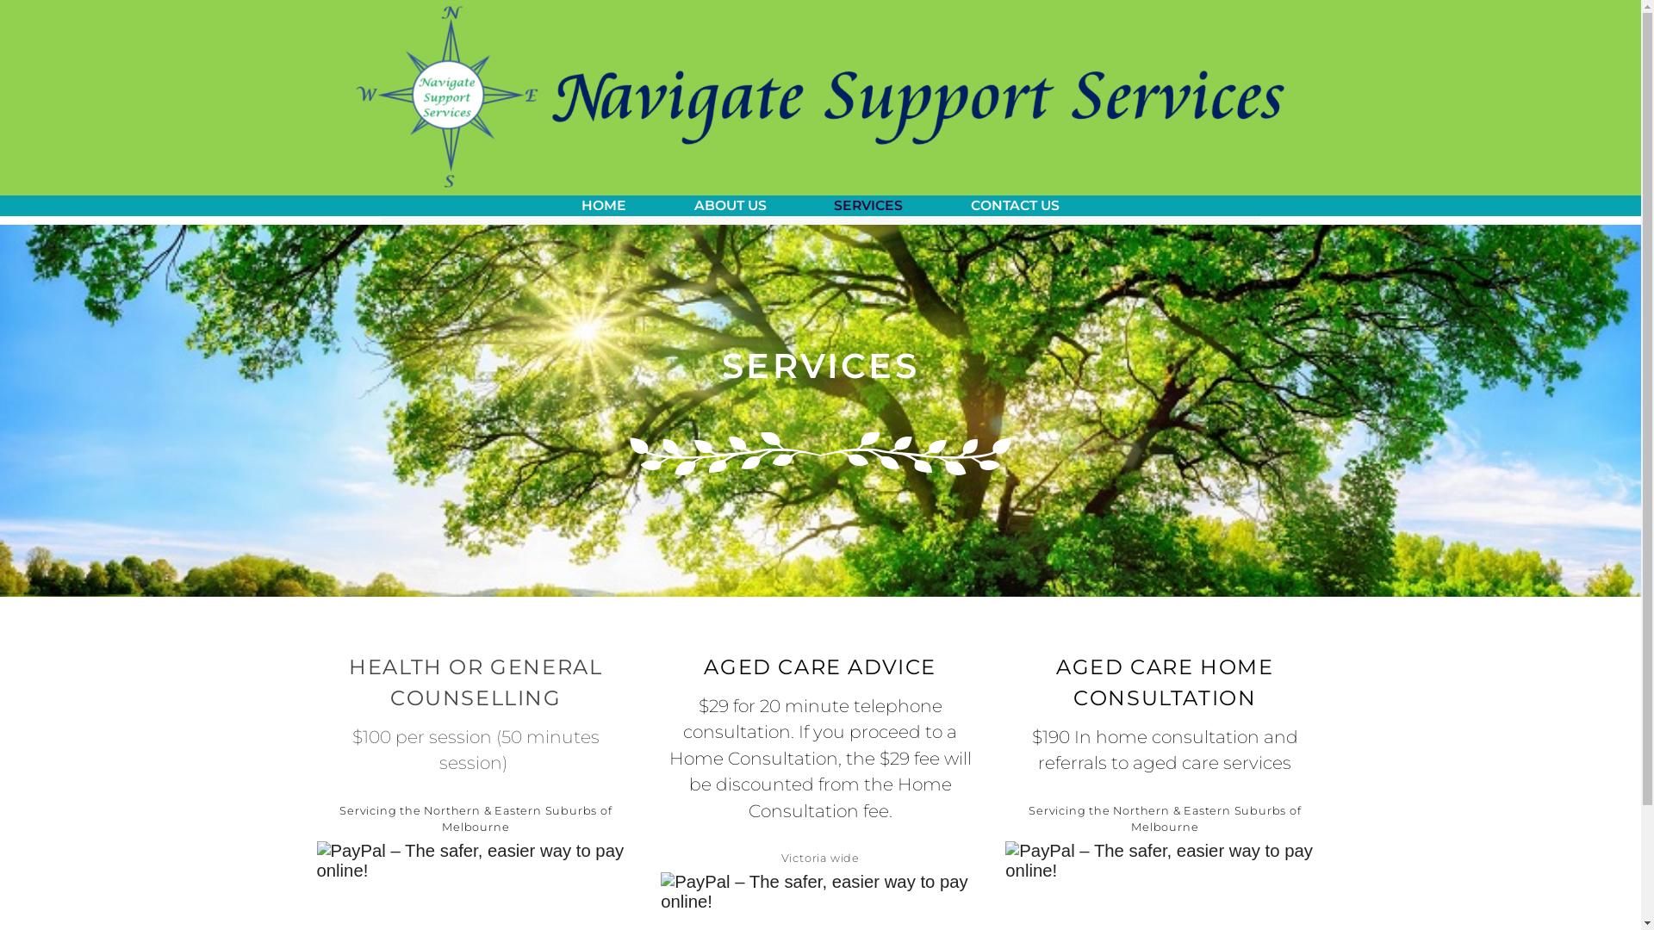  What do you see at coordinates (868, 204) in the screenshot?
I see `'SERVICES'` at bounding box center [868, 204].